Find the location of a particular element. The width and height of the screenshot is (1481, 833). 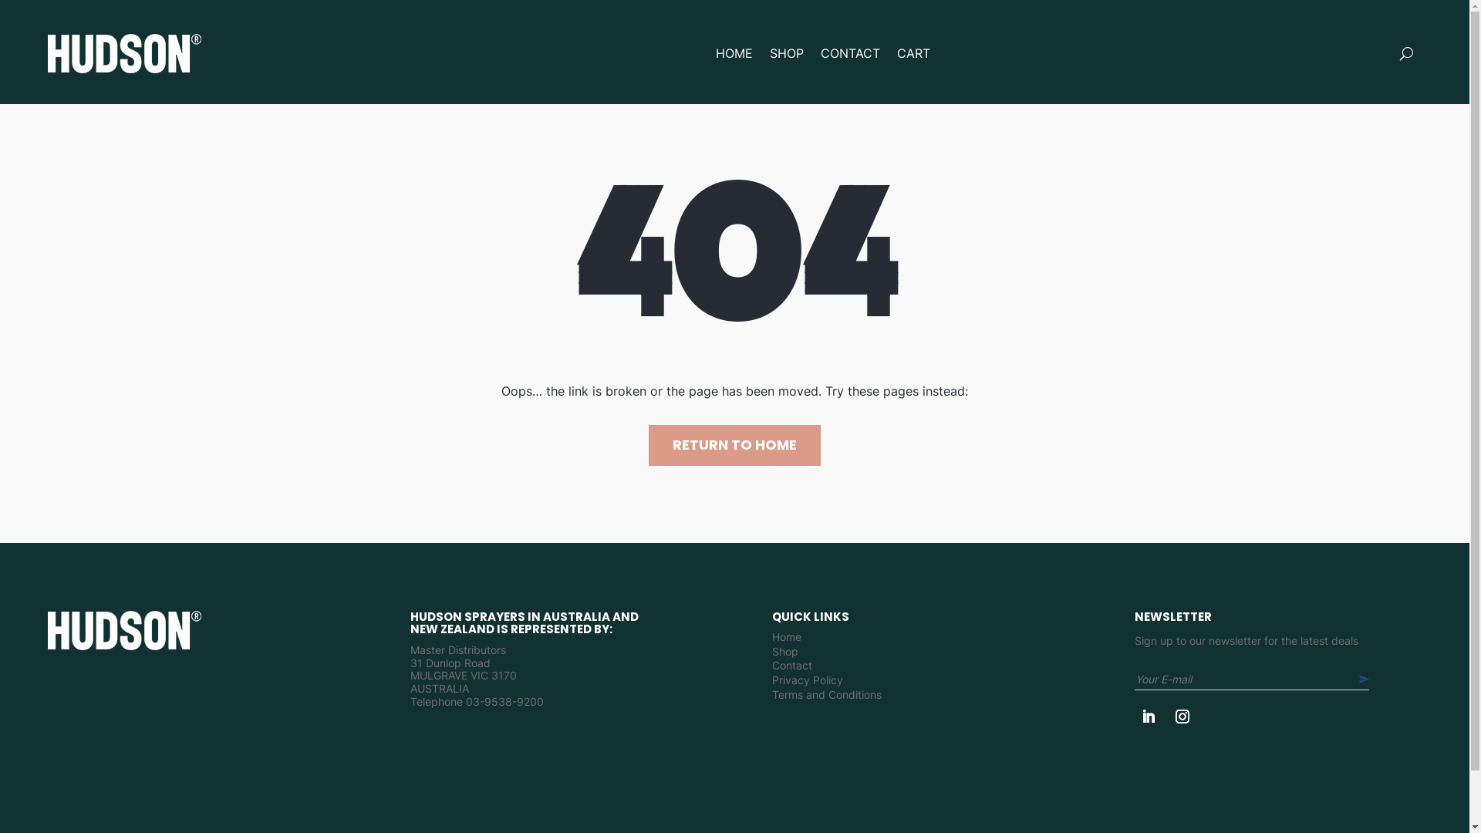

'Follow on Instagram' is located at coordinates (1181, 717).